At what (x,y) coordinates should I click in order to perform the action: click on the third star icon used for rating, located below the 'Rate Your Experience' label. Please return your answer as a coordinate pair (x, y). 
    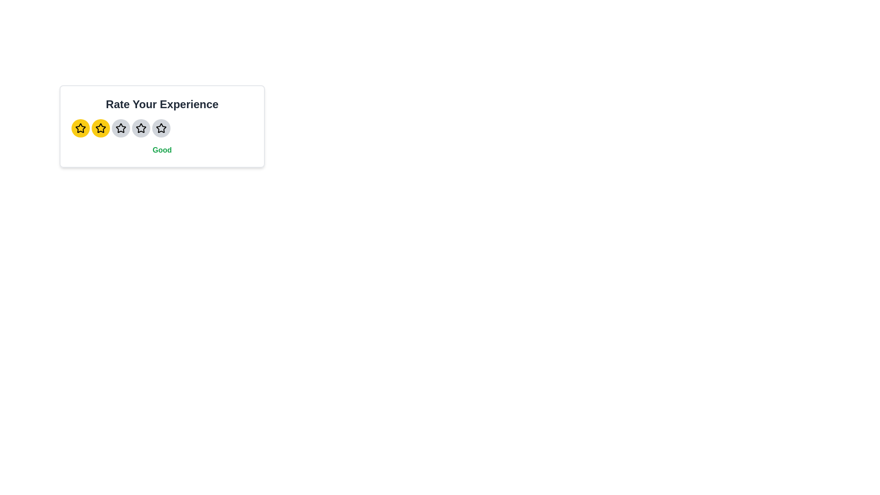
    Looking at the image, I should click on (140, 128).